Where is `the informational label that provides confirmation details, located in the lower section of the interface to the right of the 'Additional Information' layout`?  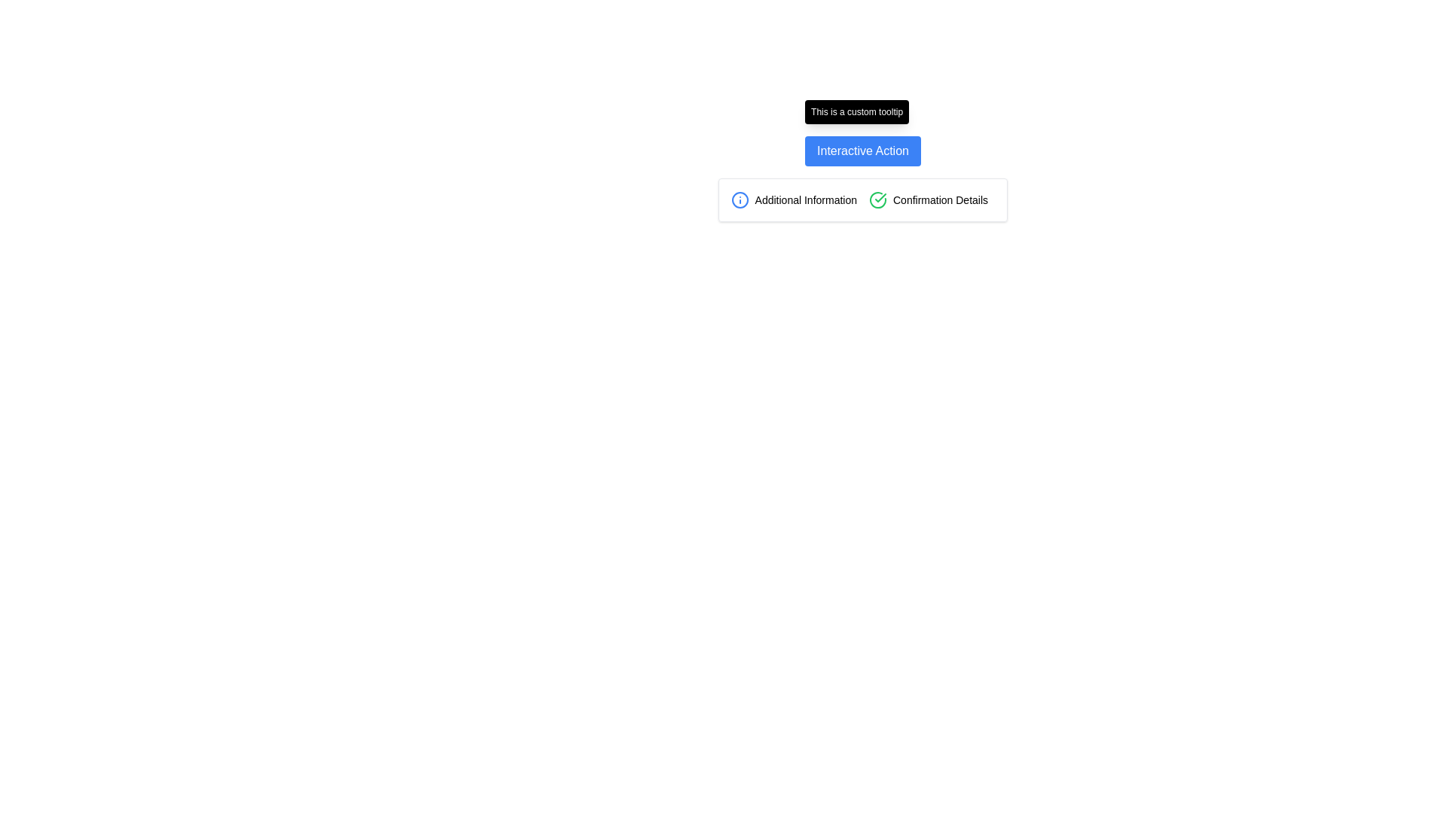 the informational label that provides confirmation details, located in the lower section of the interface to the right of the 'Additional Information' layout is located at coordinates (931, 199).